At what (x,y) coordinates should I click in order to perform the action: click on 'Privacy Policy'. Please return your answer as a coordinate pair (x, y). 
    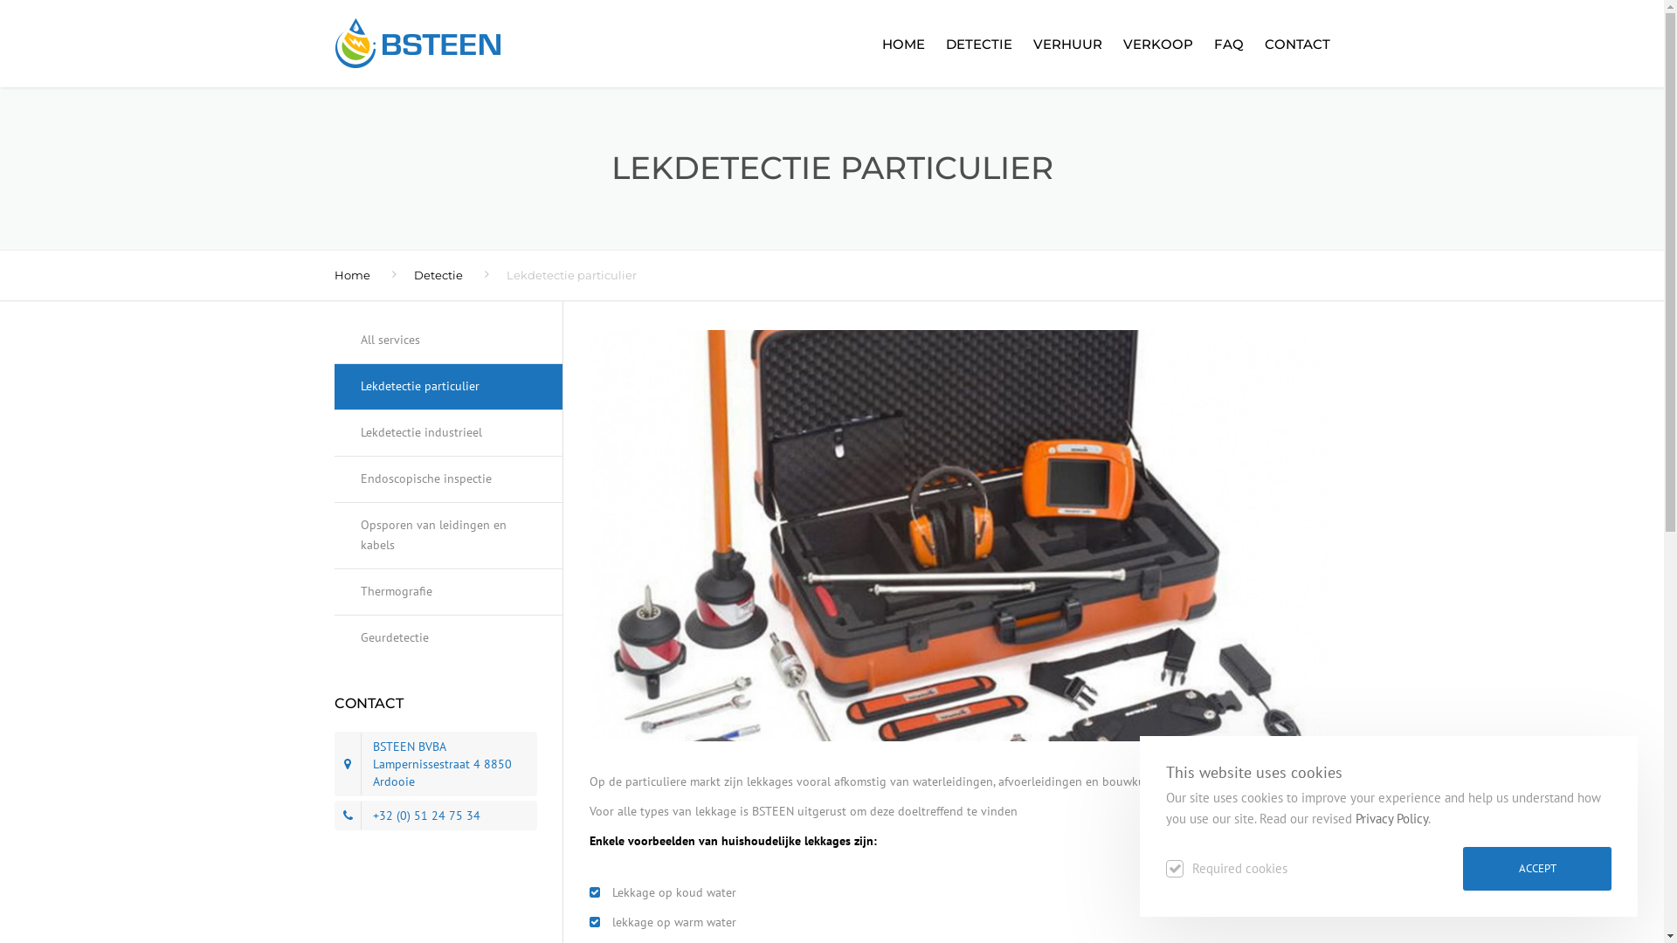
    Looking at the image, I should click on (1391, 818).